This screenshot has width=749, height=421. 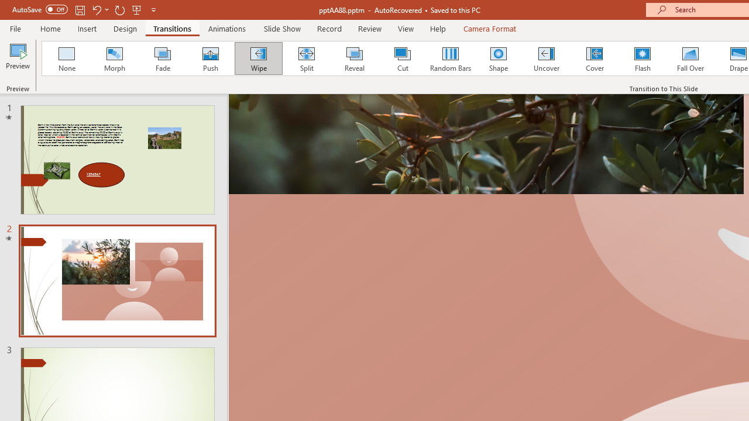 I want to click on 'Cover', so click(x=595, y=58).